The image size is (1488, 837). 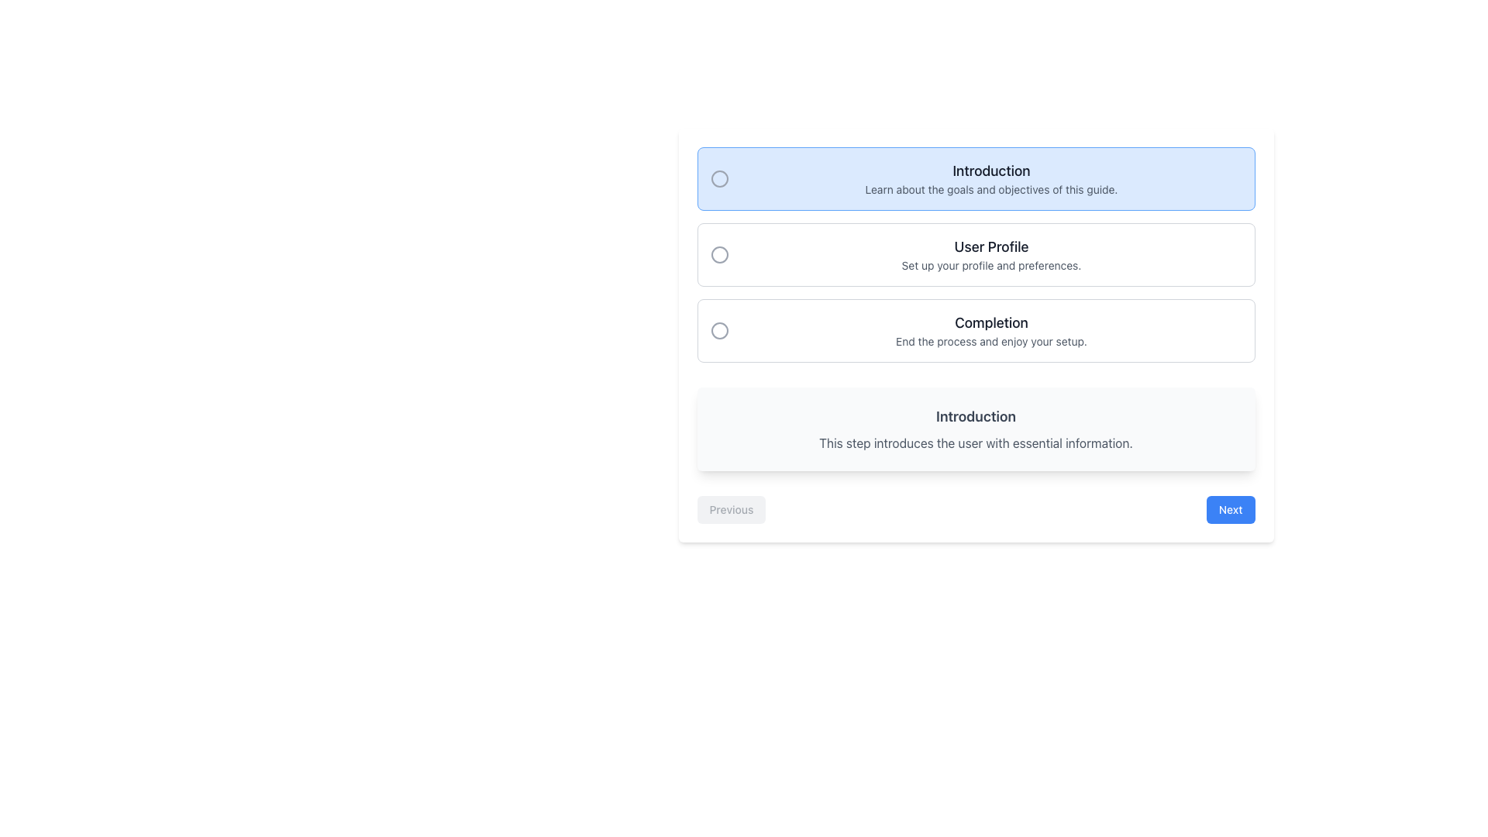 What do you see at coordinates (718, 178) in the screenshot?
I see `the circular gray outlined icon located to the left of the 'Introduction' heading within the highlighted card` at bounding box center [718, 178].